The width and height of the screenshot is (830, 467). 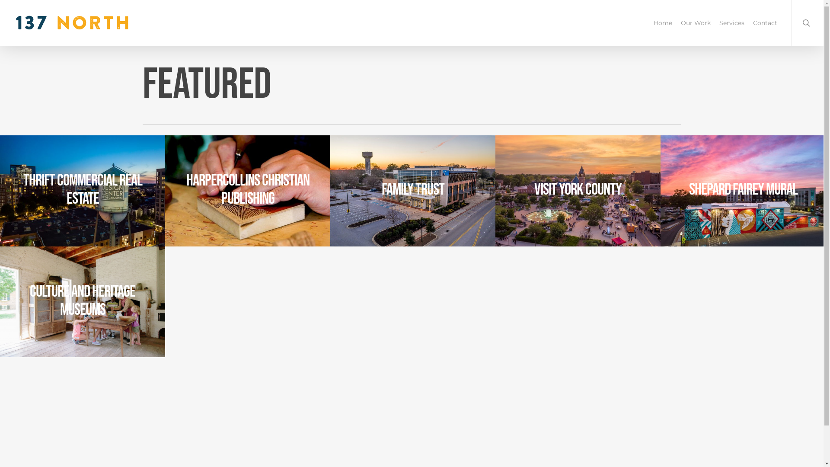 I want to click on 'Services', so click(x=731, y=22).